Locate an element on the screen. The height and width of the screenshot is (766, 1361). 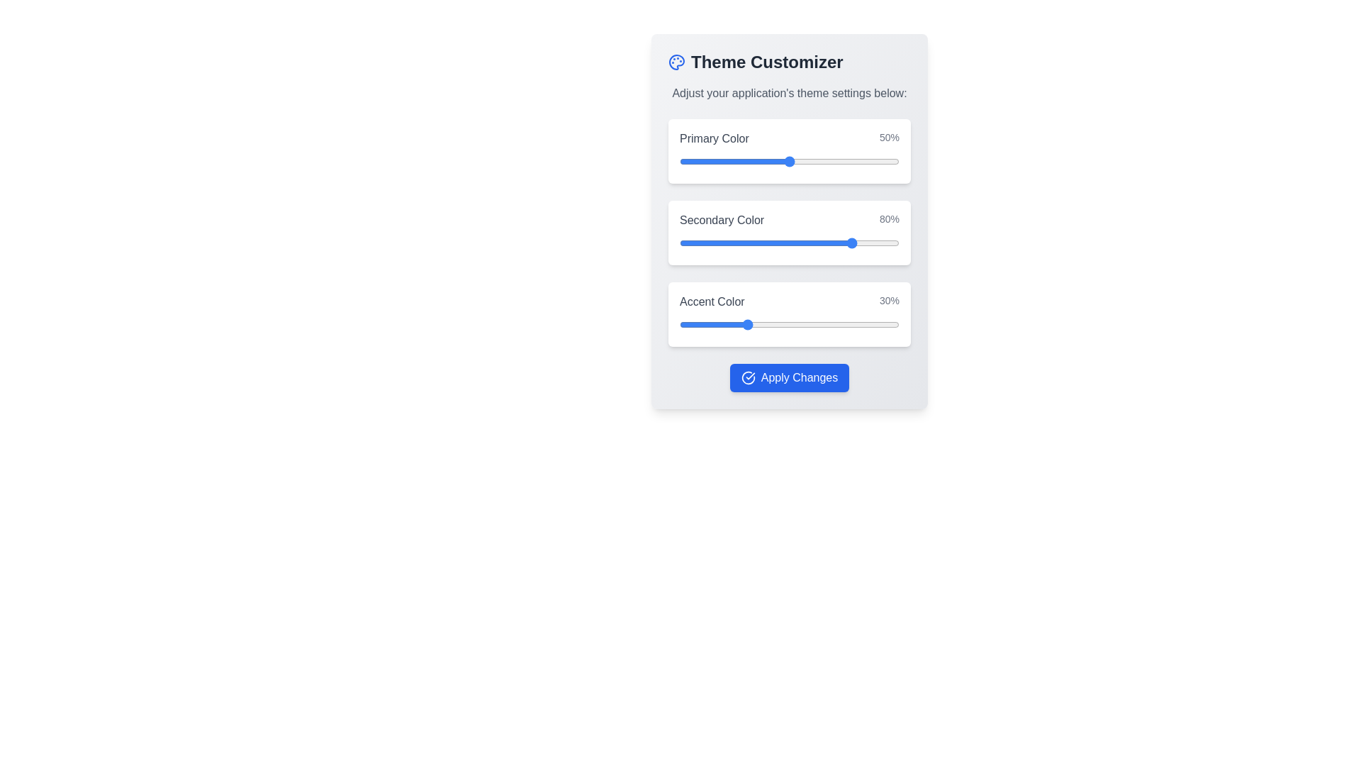
the 'Apply Changes' button using keyboard tabbing is located at coordinates (788, 377).